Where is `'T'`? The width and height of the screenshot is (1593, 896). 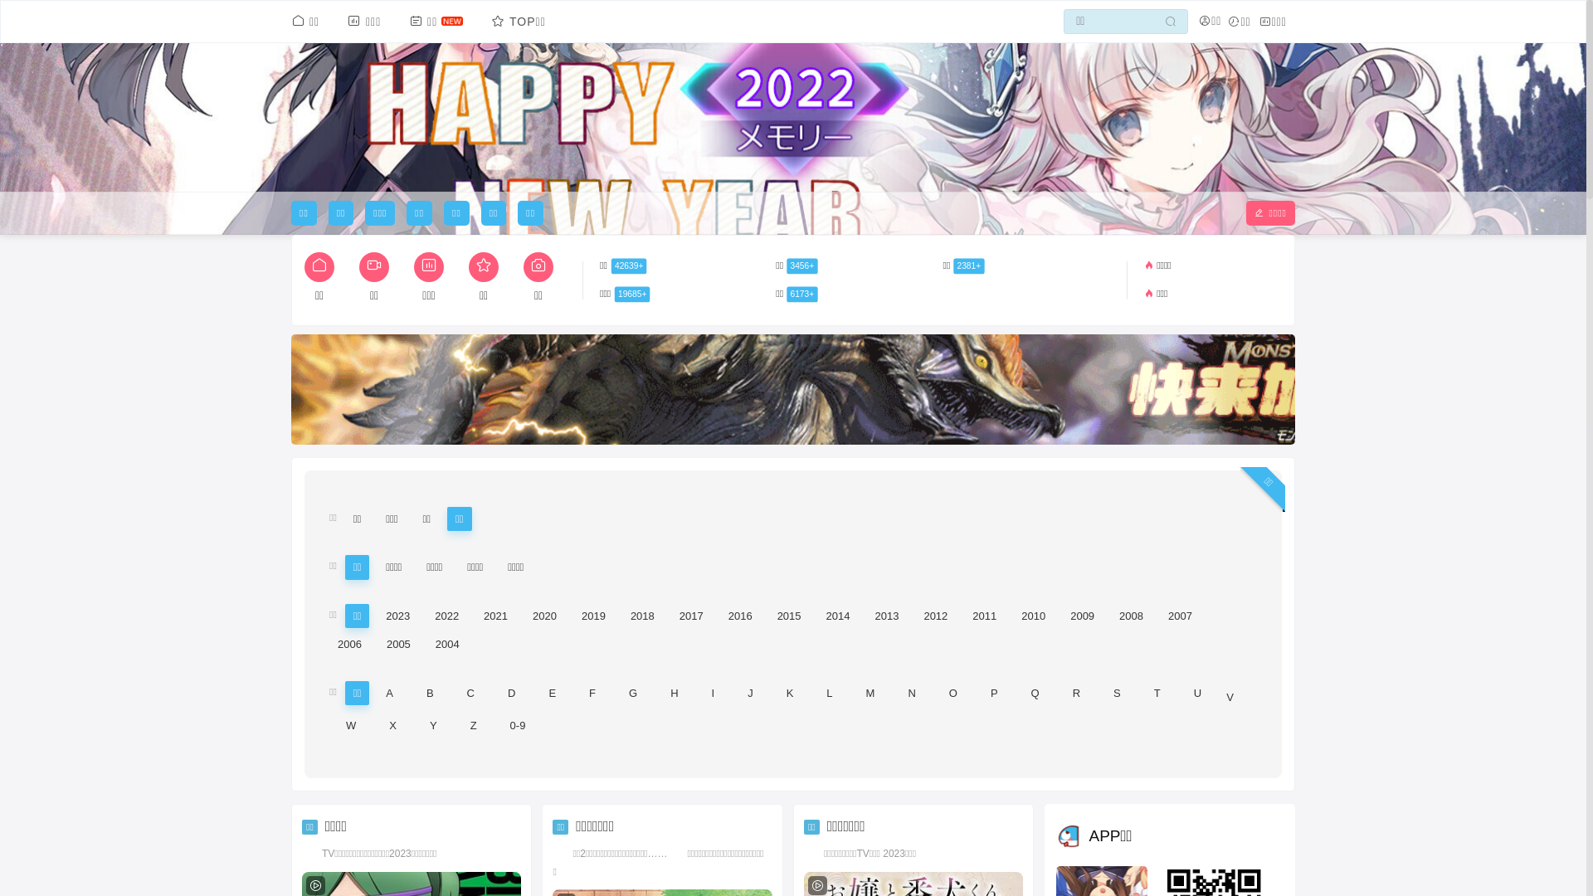
'T' is located at coordinates (1157, 693).